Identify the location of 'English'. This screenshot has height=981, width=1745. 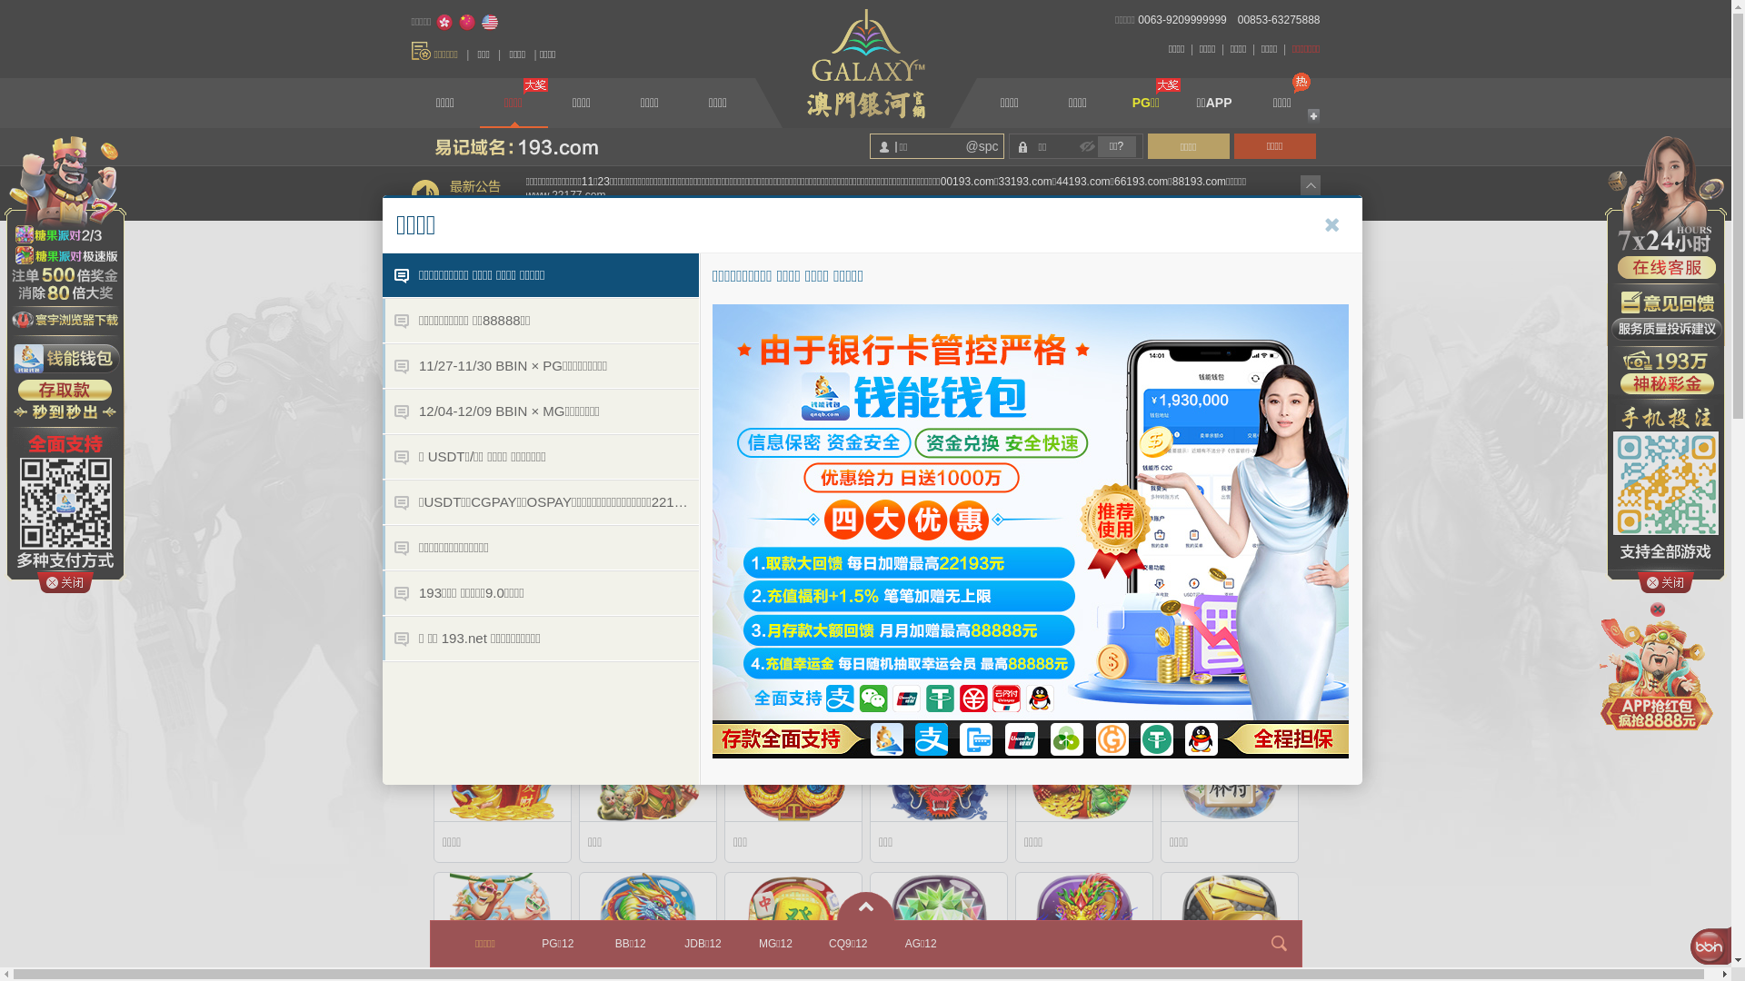
(489, 22).